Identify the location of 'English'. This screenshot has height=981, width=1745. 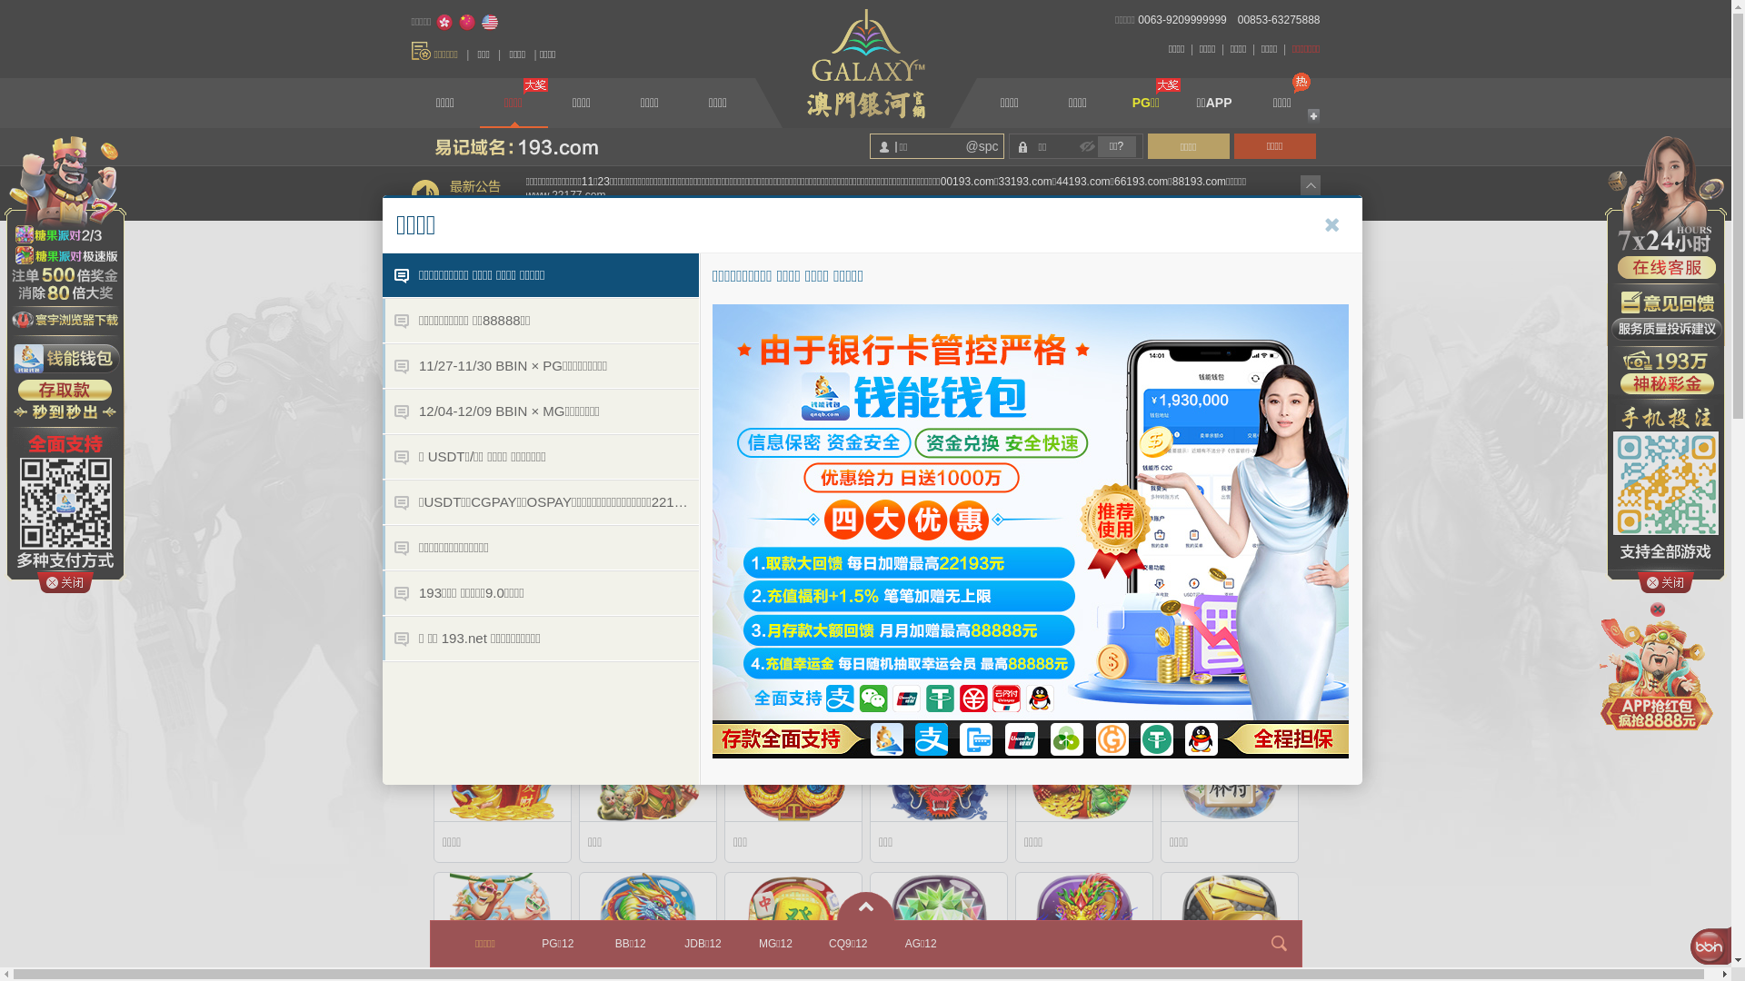
(489, 22).